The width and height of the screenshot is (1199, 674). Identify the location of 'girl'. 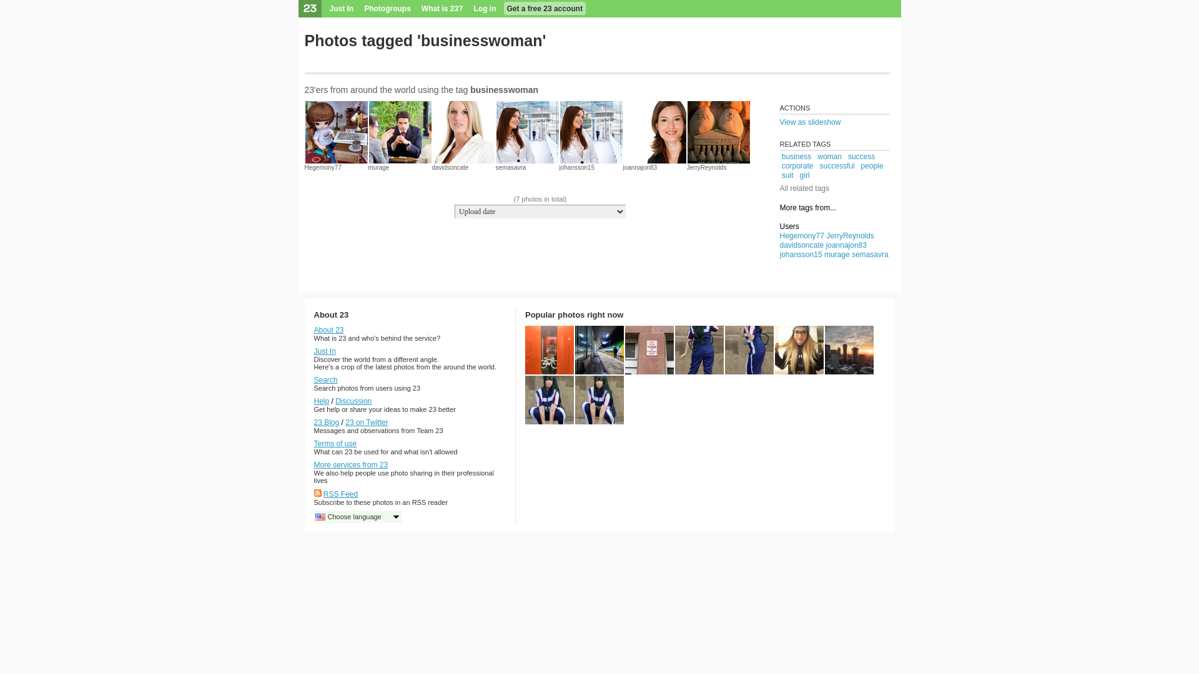
(805, 175).